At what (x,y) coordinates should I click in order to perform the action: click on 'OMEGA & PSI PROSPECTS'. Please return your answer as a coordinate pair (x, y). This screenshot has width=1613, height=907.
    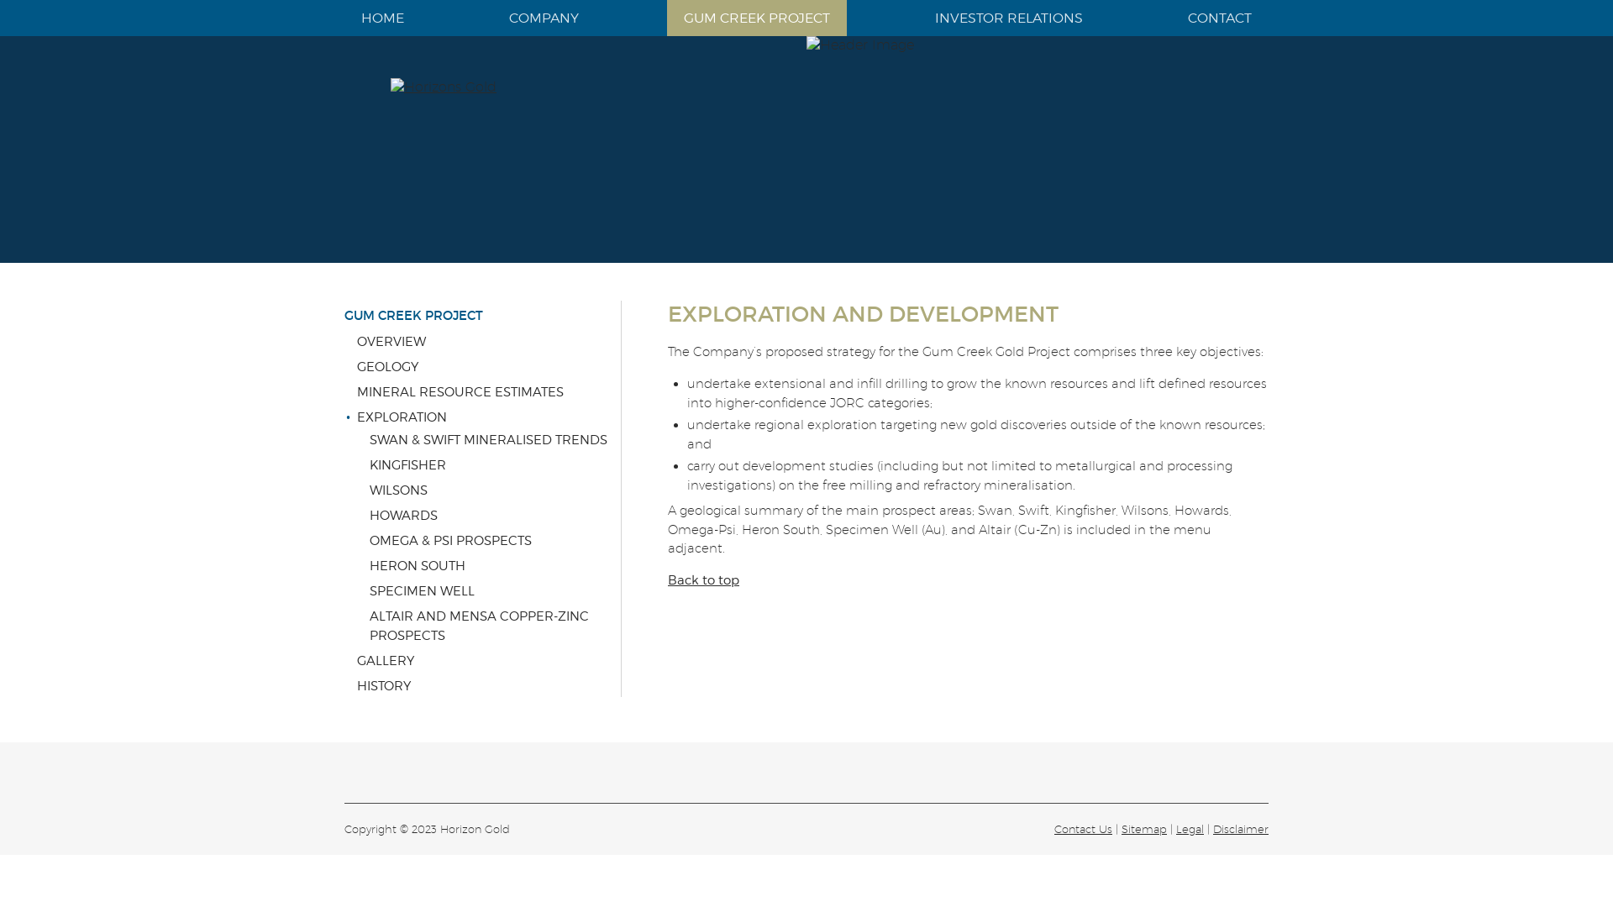
    Looking at the image, I should click on (494, 540).